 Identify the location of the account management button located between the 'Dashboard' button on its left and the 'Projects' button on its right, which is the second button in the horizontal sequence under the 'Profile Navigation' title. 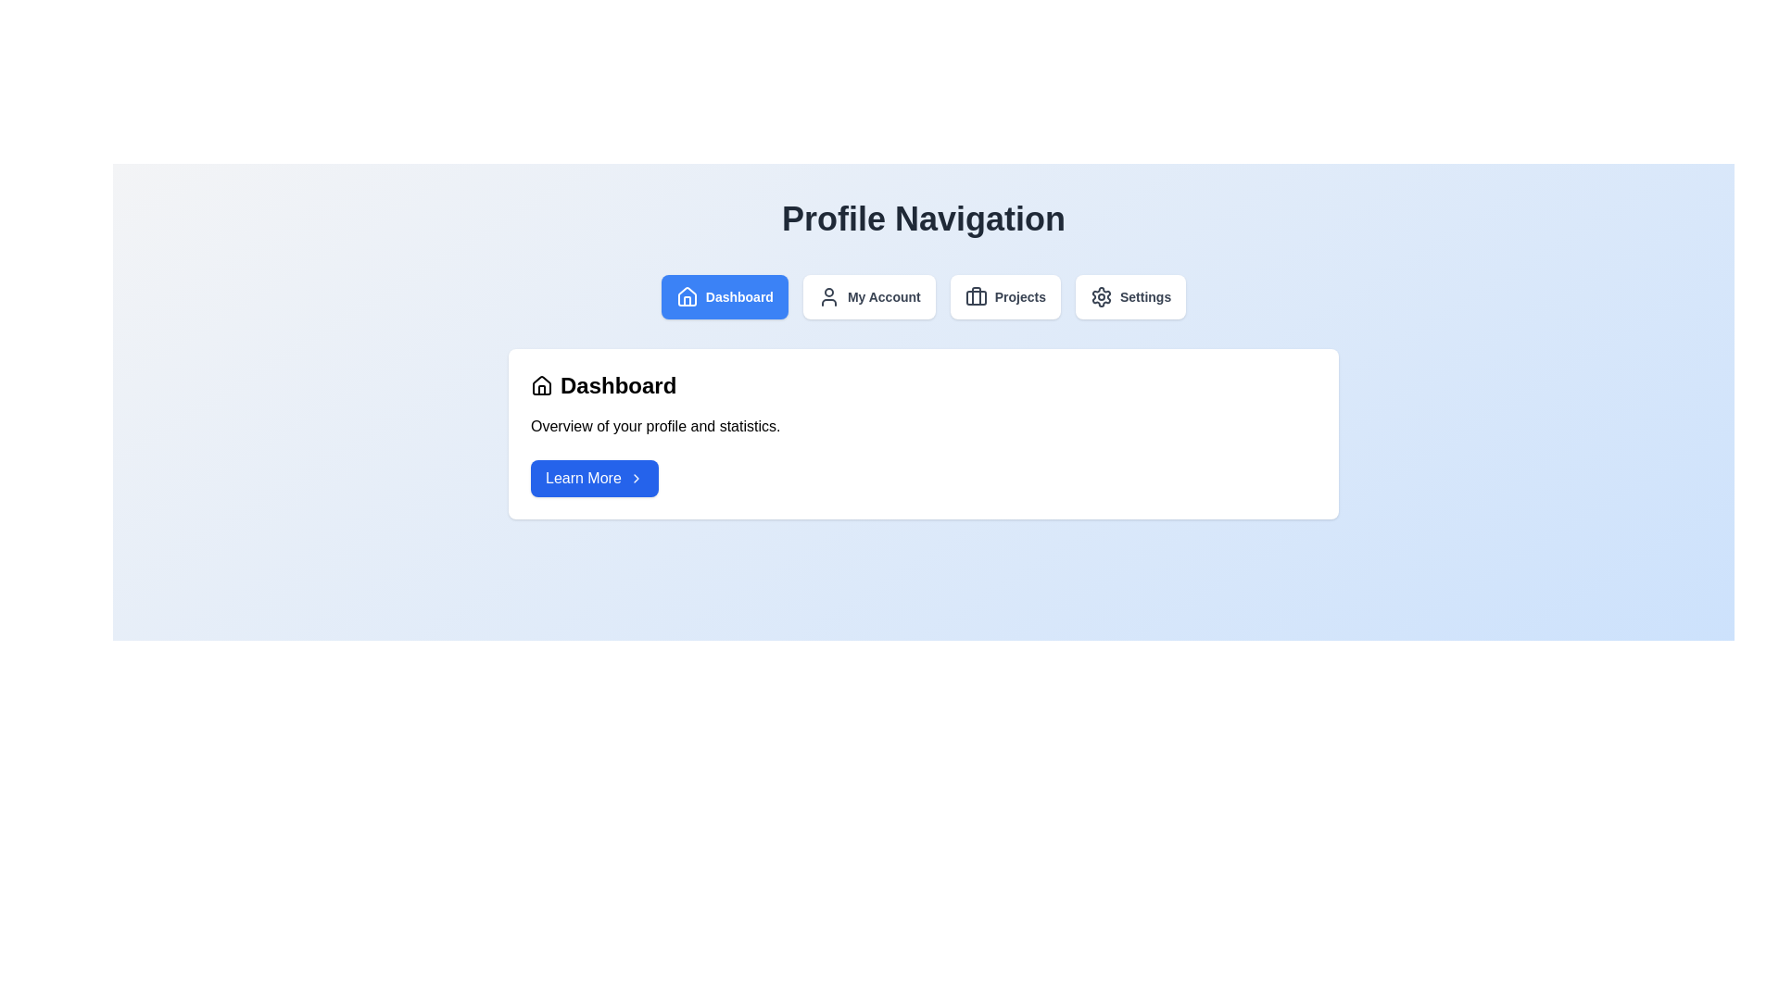
(868, 295).